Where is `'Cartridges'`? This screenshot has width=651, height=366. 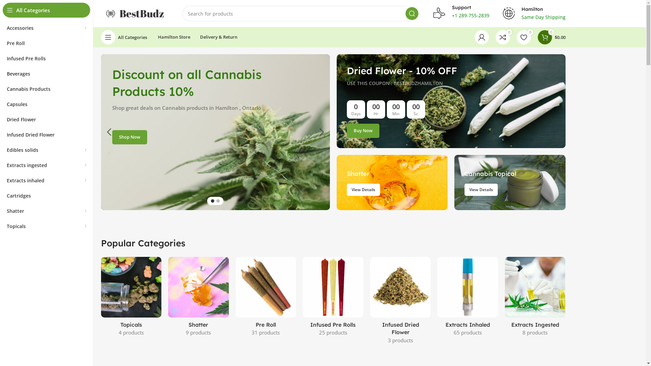
'Cartridges' is located at coordinates (46, 196).